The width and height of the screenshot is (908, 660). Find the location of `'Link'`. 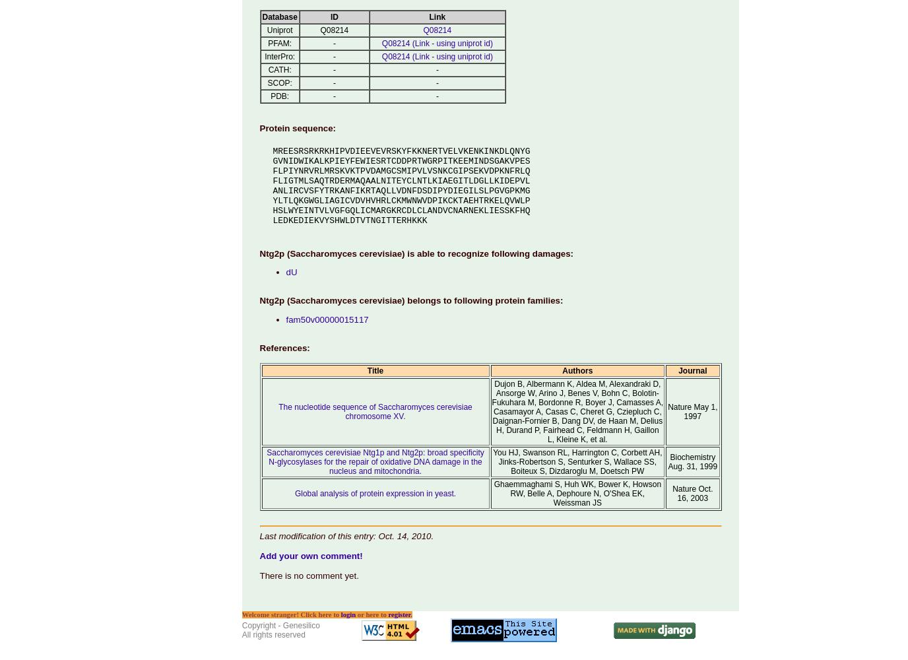

'Link' is located at coordinates (437, 16).